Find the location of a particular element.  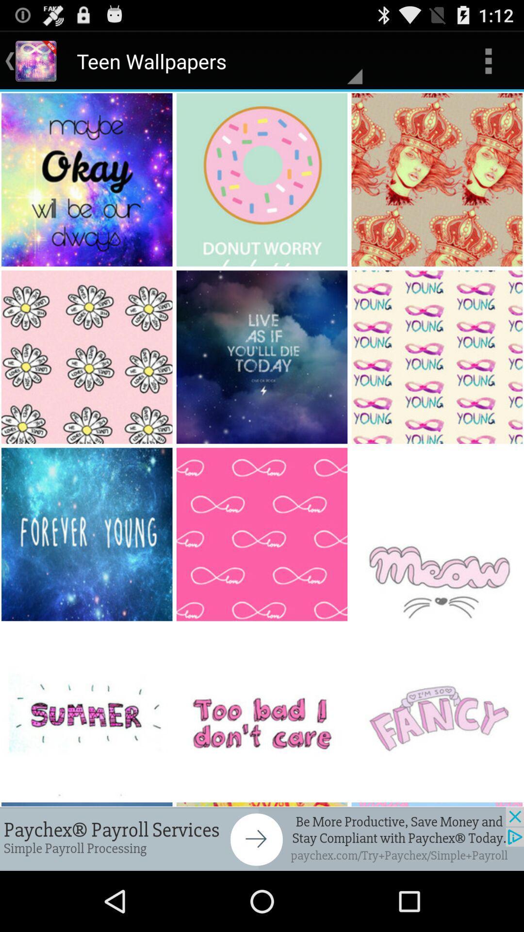

the fifth image is located at coordinates (262, 356).